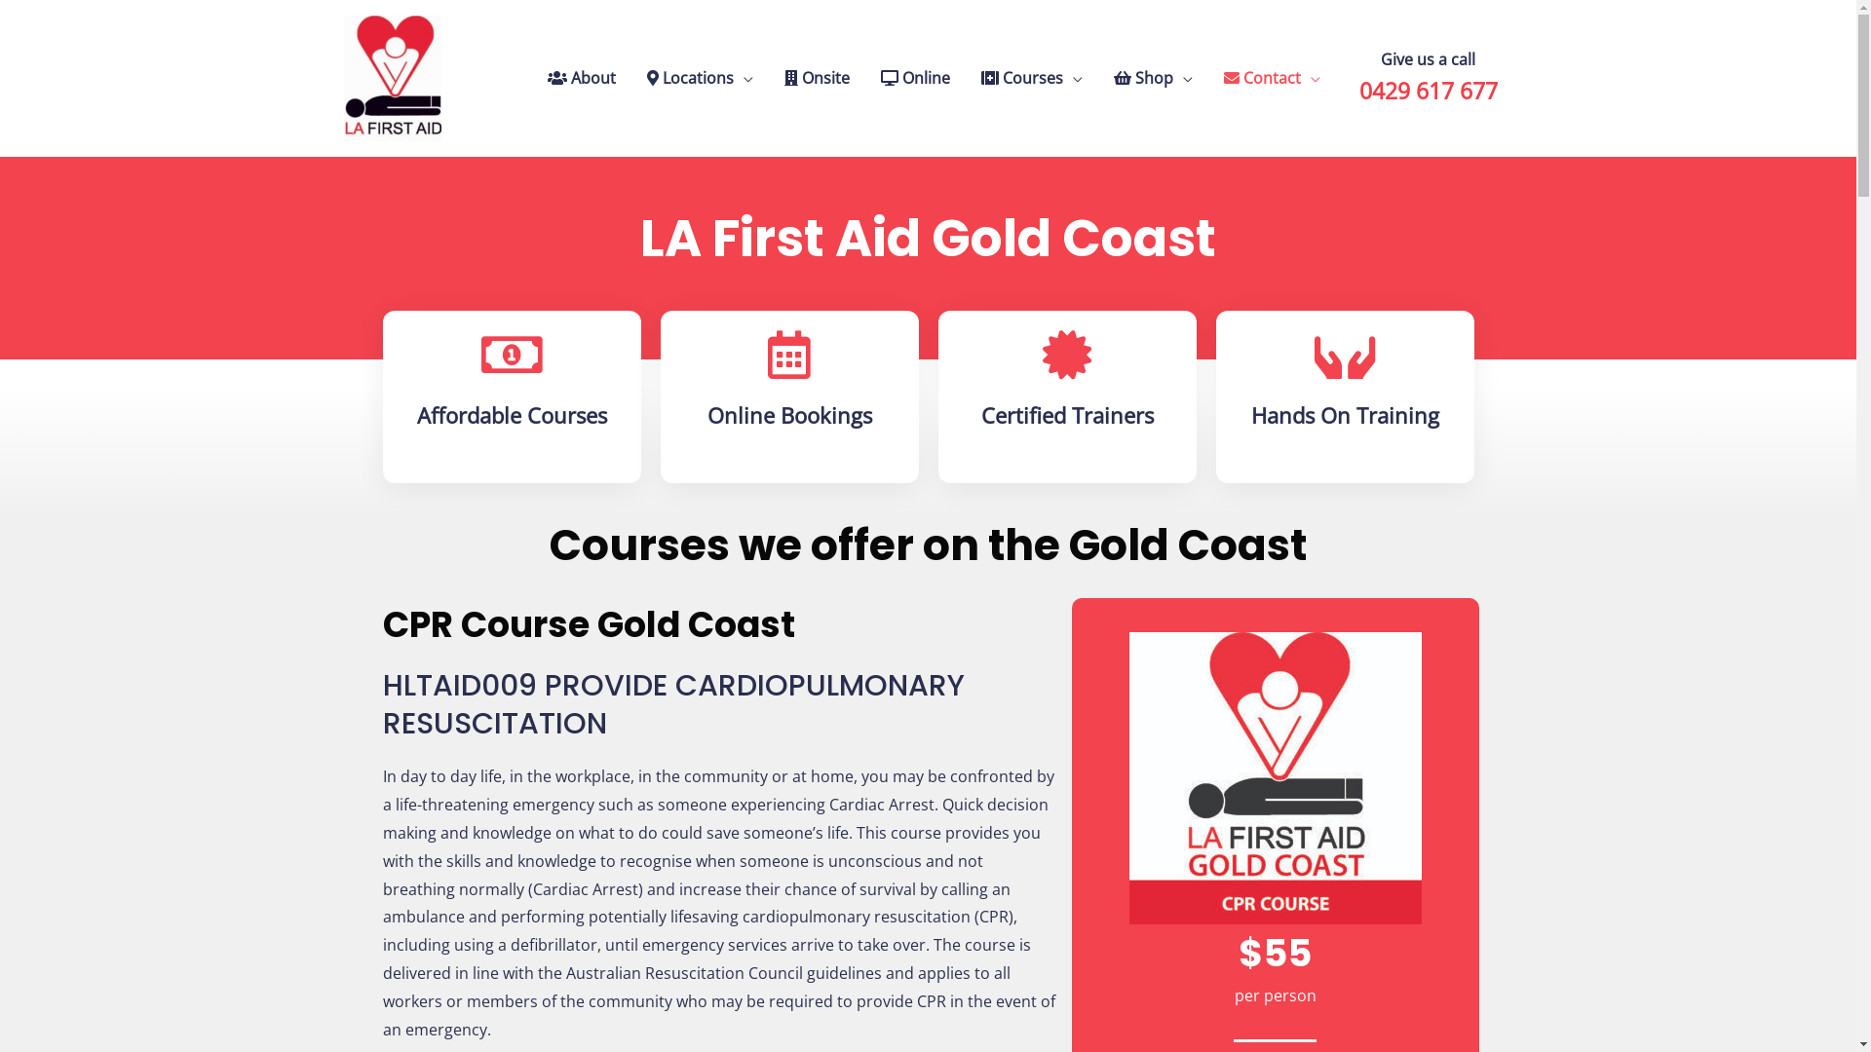 This screenshot has width=1871, height=1052. Describe the element at coordinates (1152, 77) in the screenshot. I see `'Shop'` at that location.